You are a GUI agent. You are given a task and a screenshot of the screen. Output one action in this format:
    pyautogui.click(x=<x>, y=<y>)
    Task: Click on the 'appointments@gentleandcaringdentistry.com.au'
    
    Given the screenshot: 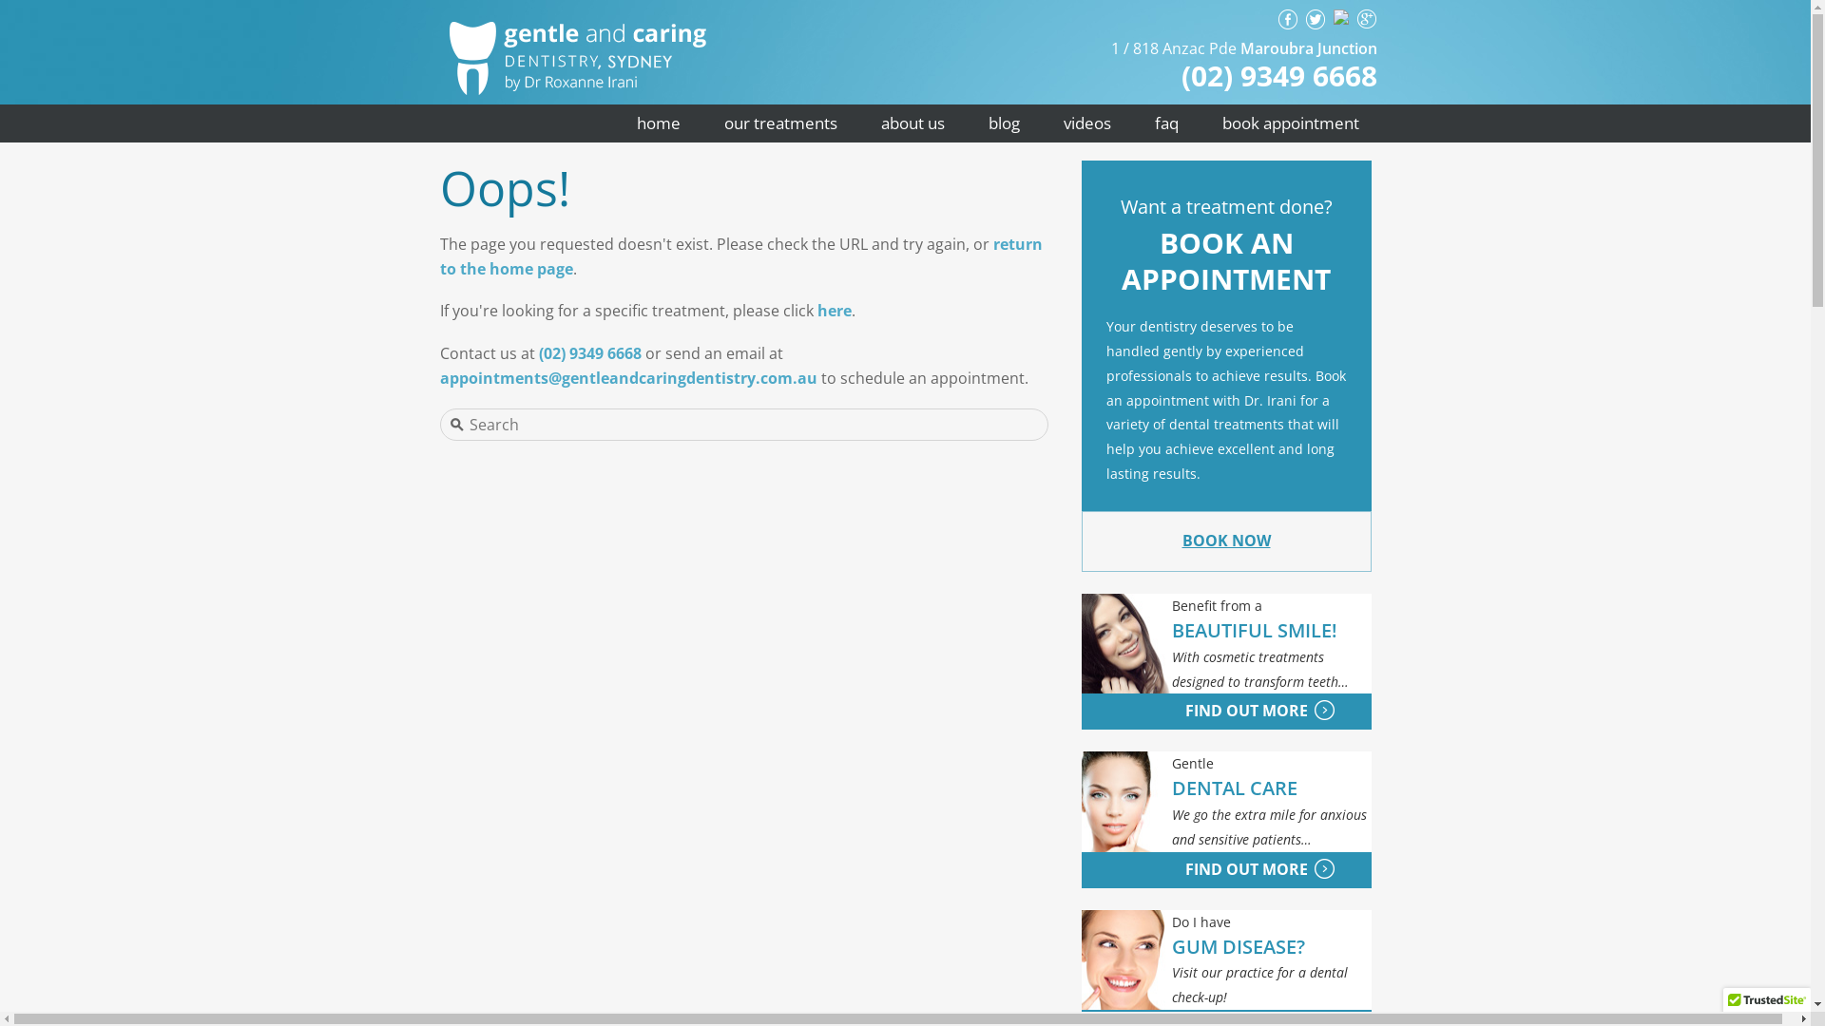 What is the action you would take?
    pyautogui.click(x=627, y=377)
    